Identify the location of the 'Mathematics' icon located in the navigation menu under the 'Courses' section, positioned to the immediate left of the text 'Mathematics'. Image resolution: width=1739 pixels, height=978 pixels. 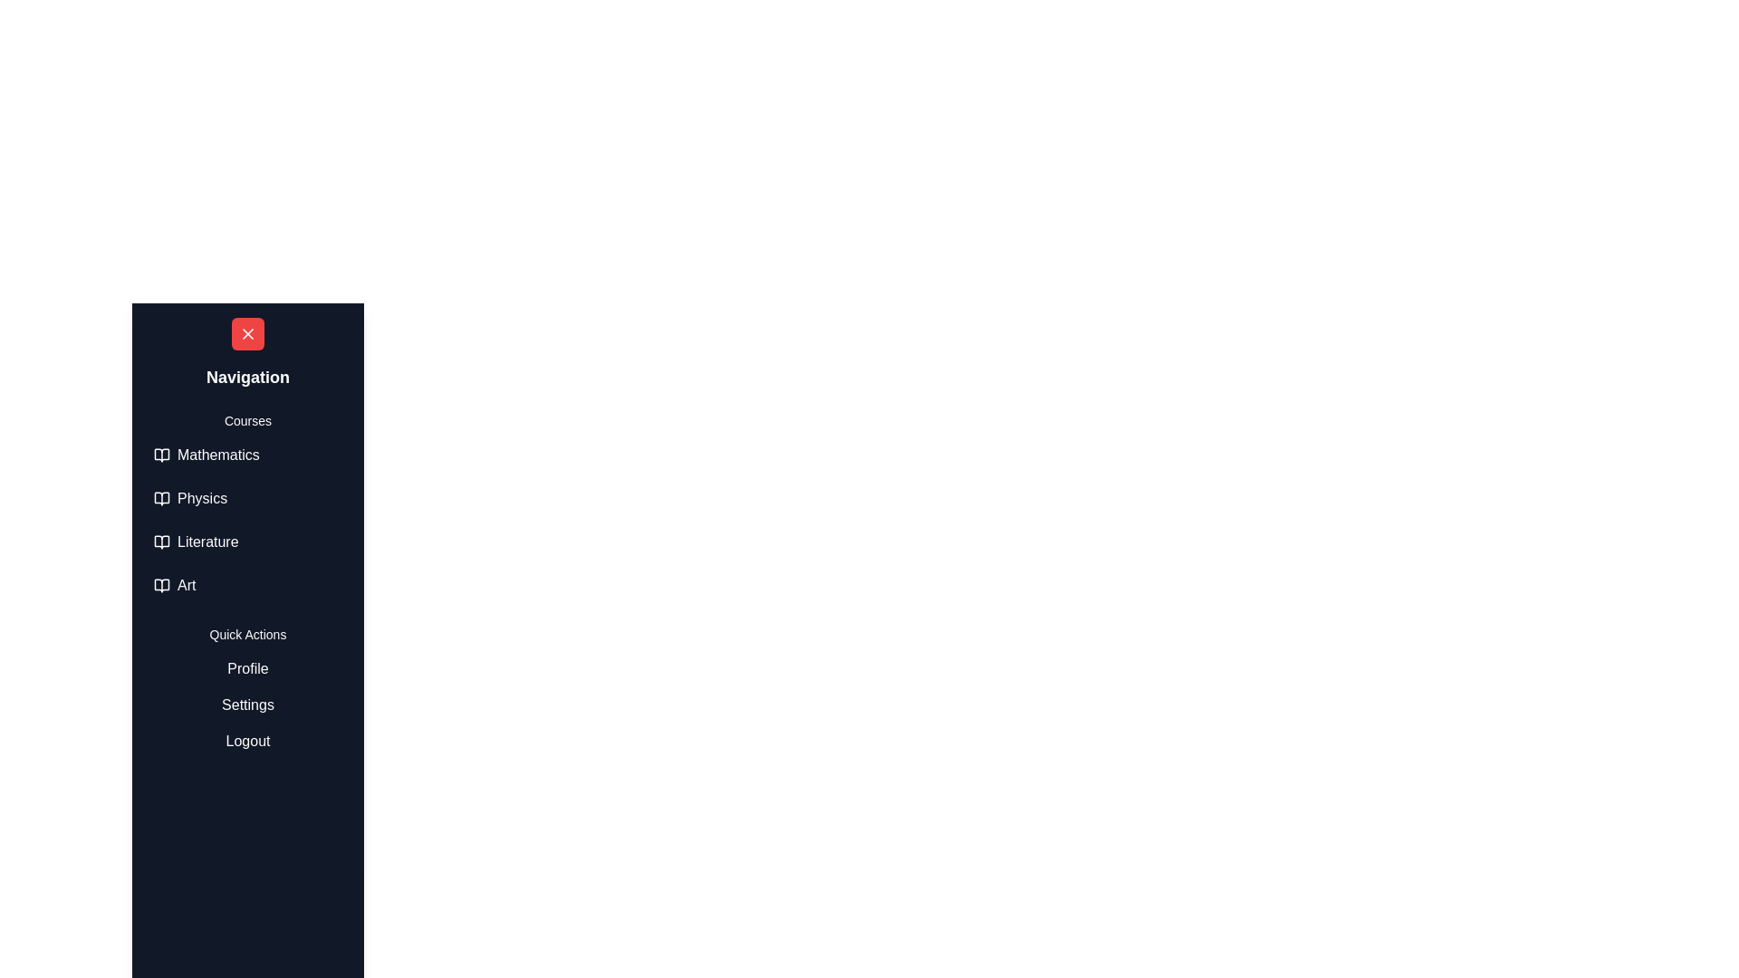
(161, 454).